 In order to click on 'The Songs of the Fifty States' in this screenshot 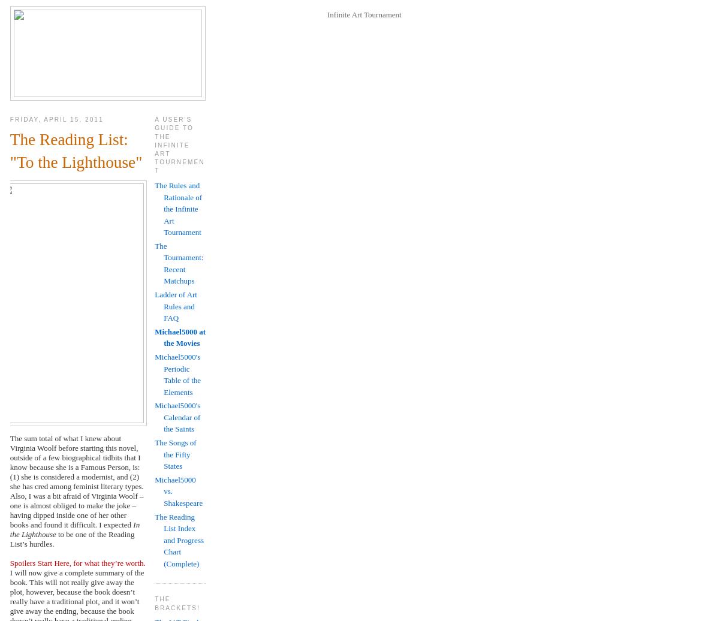, I will do `click(155, 454)`.